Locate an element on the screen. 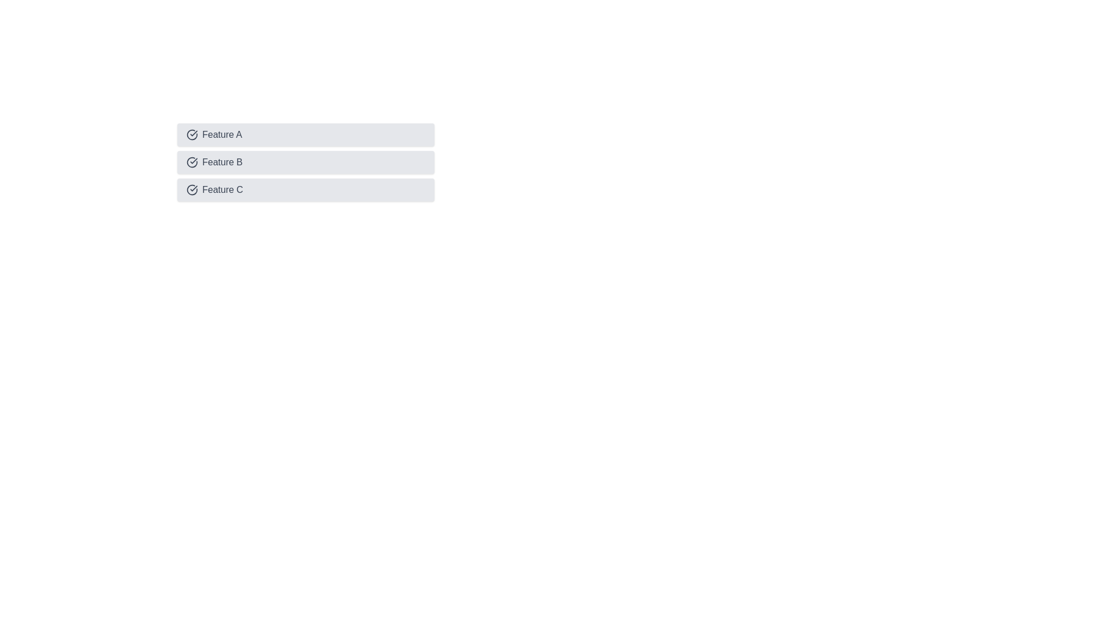  the chip labeled Feature B is located at coordinates (305, 162).